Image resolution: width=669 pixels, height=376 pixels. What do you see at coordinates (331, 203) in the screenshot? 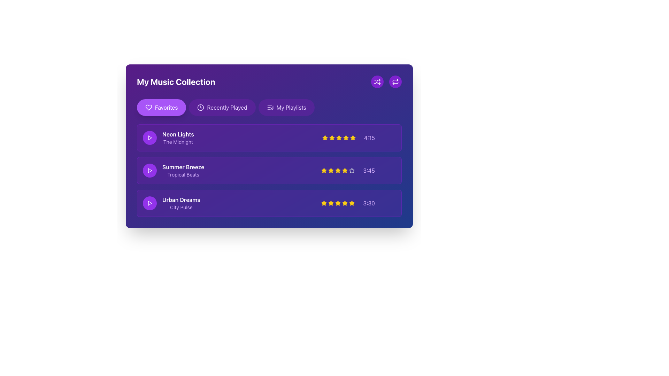
I see `the first rating star icon` at bounding box center [331, 203].